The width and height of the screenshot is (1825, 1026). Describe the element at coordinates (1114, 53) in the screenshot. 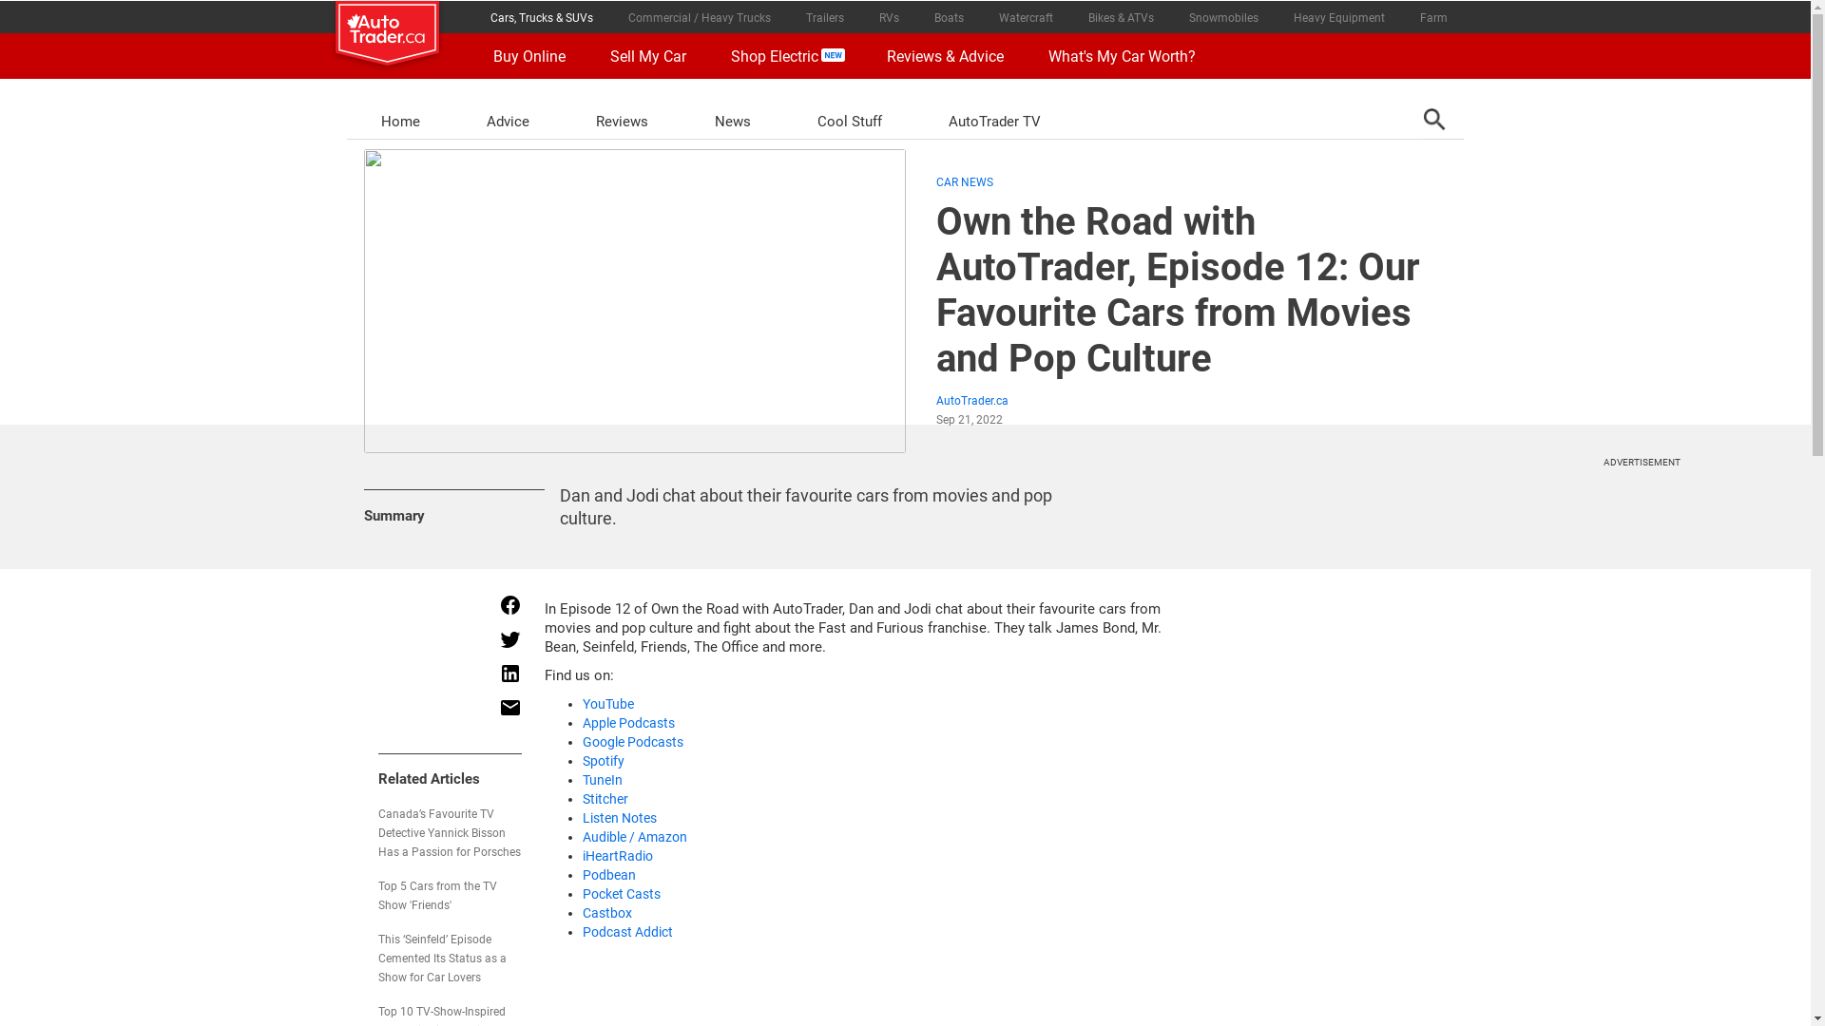

I see `'What's My Car Worth?'` at that location.